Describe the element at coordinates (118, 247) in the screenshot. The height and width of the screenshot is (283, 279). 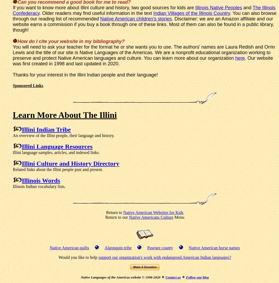
I see `'Algonquin tribe'` at that location.